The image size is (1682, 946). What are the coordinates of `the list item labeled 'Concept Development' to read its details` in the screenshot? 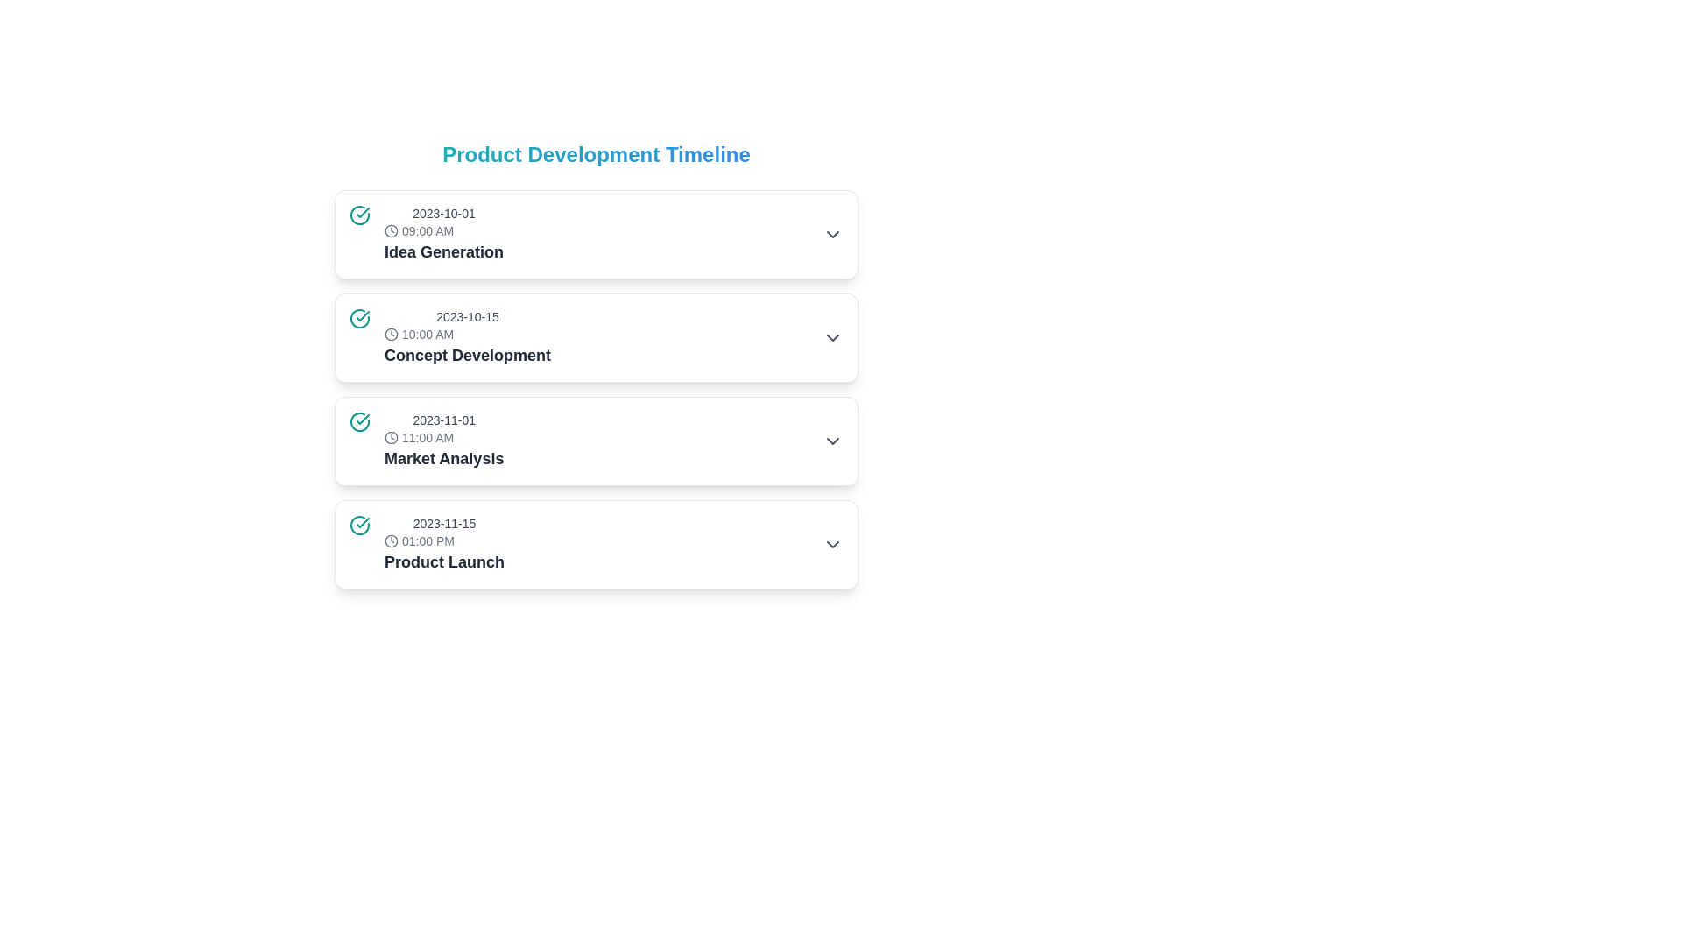 It's located at (449, 337).